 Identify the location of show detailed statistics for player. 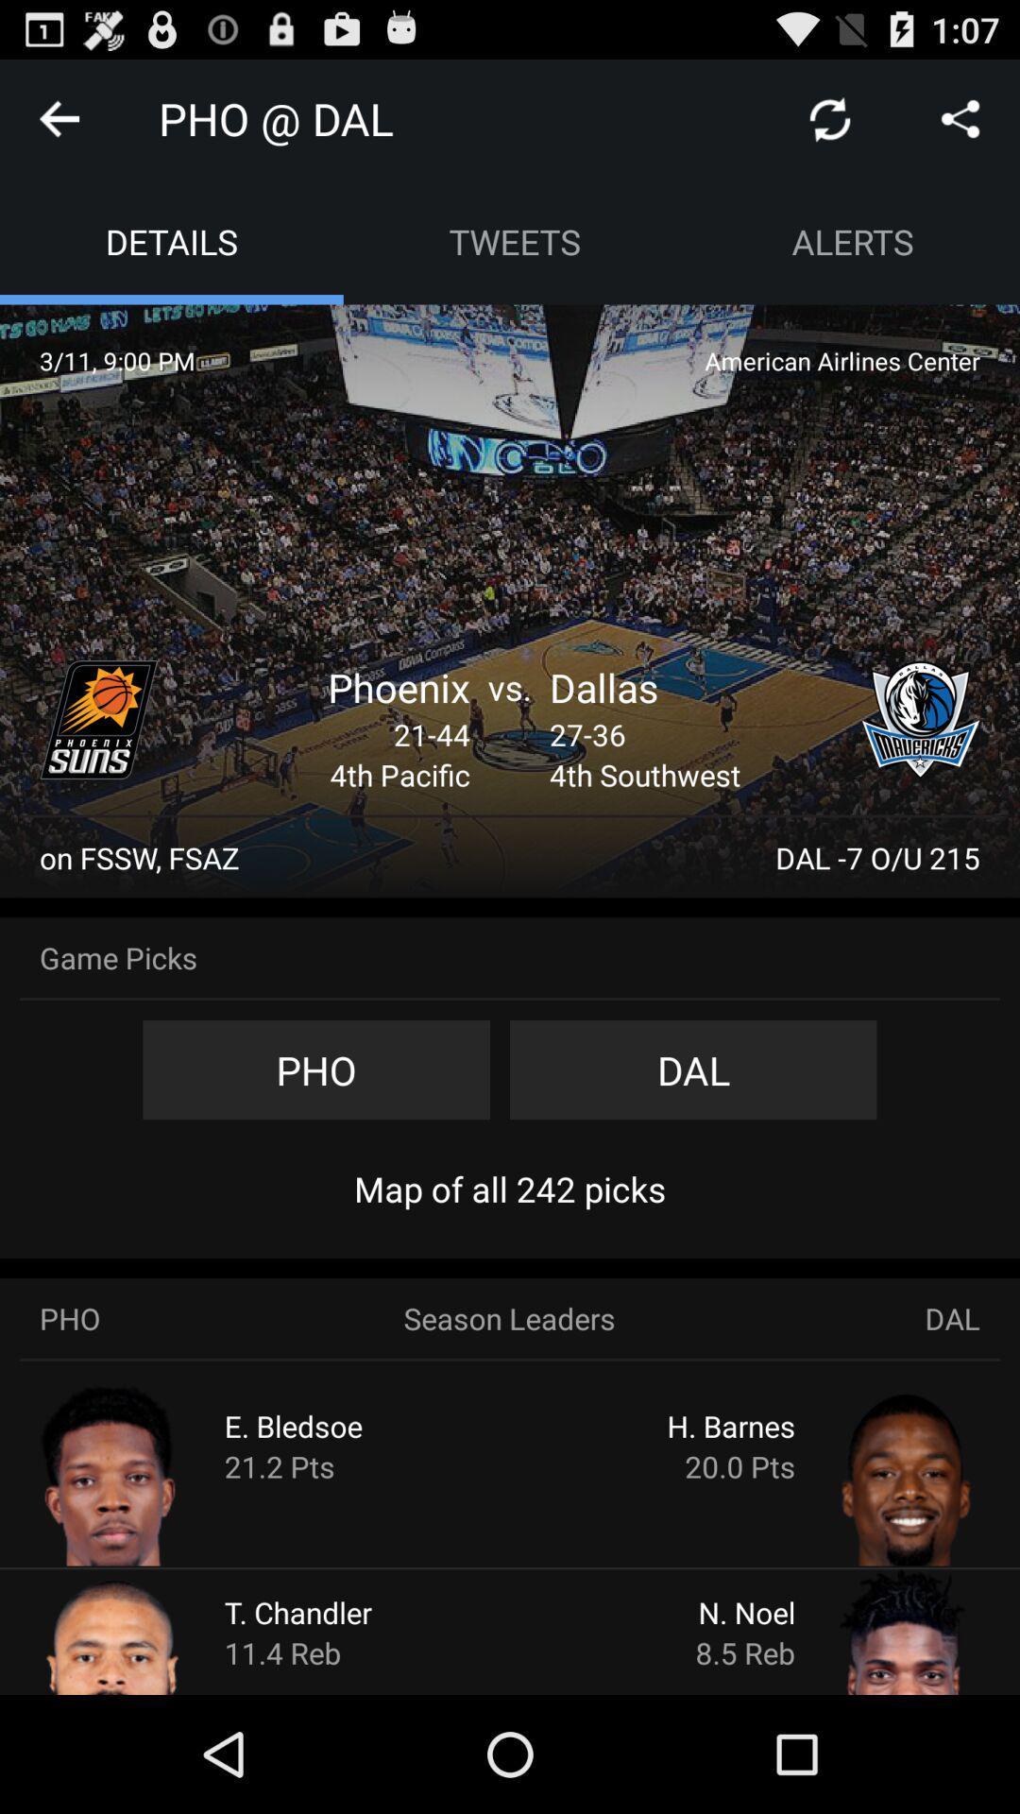
(871, 1630).